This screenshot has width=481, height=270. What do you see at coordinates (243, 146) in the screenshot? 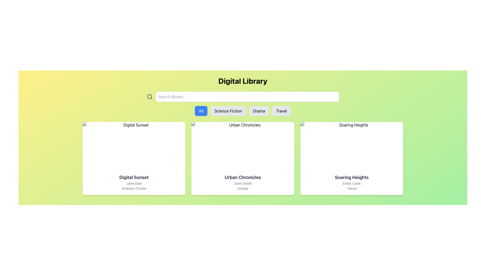
I see `the rectangular image displaying the placeholder for 'Urban Chronicles' to view image options` at bounding box center [243, 146].